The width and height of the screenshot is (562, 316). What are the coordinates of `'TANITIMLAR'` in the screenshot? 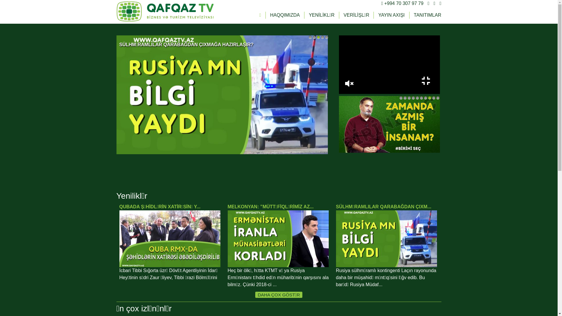 It's located at (427, 15).